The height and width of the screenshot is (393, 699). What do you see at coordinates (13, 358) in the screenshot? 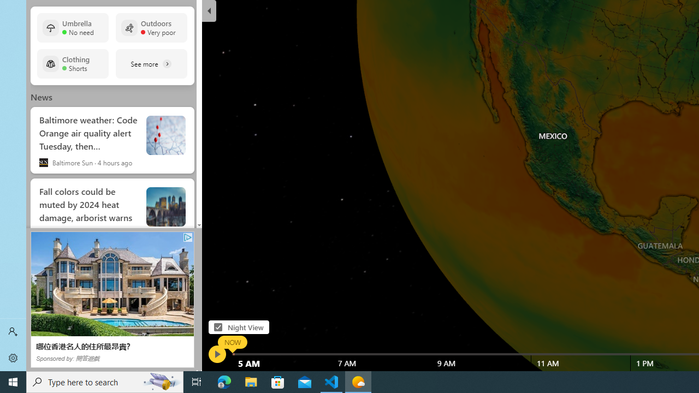
I see `'Settings'` at bounding box center [13, 358].